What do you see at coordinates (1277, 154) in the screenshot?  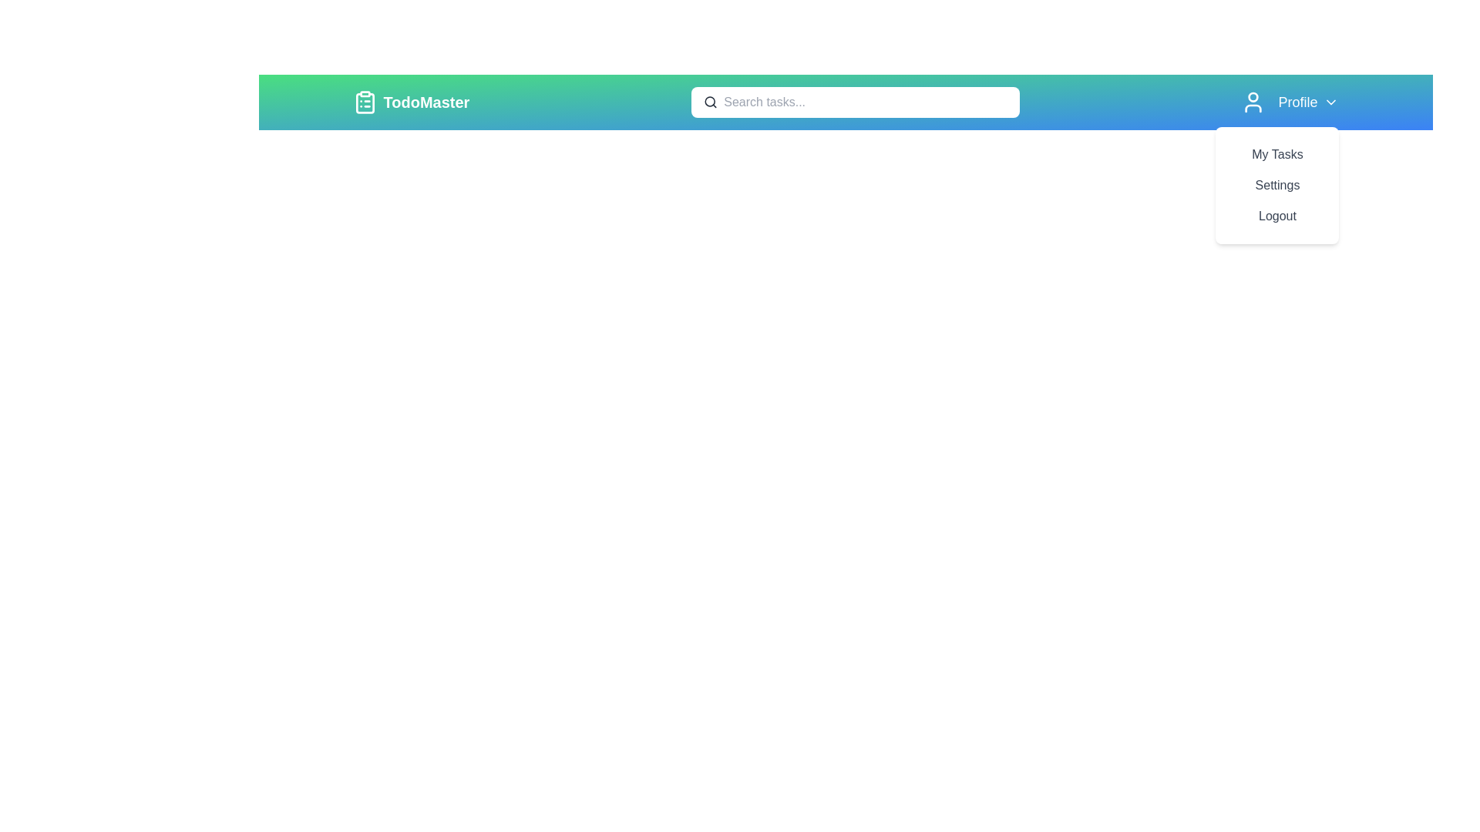 I see `the 'My Tasks' textual button at the top of the dropdown panel to trigger the hover effect` at bounding box center [1277, 154].